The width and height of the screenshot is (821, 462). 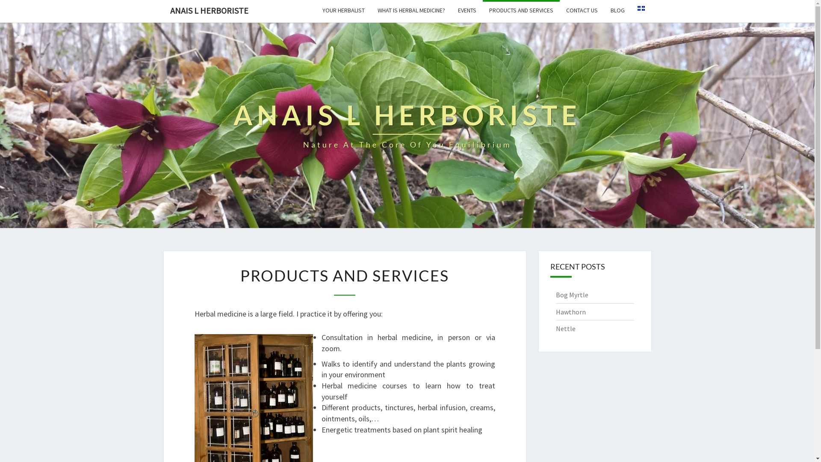 What do you see at coordinates (343, 10) in the screenshot?
I see `'YOUR HERBALIST'` at bounding box center [343, 10].